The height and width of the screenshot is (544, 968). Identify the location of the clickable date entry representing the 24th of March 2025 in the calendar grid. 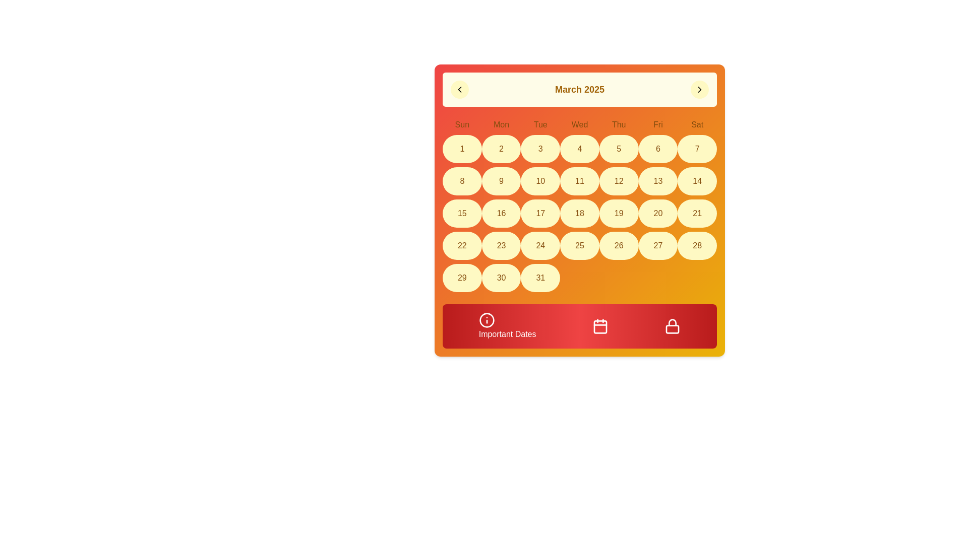
(540, 246).